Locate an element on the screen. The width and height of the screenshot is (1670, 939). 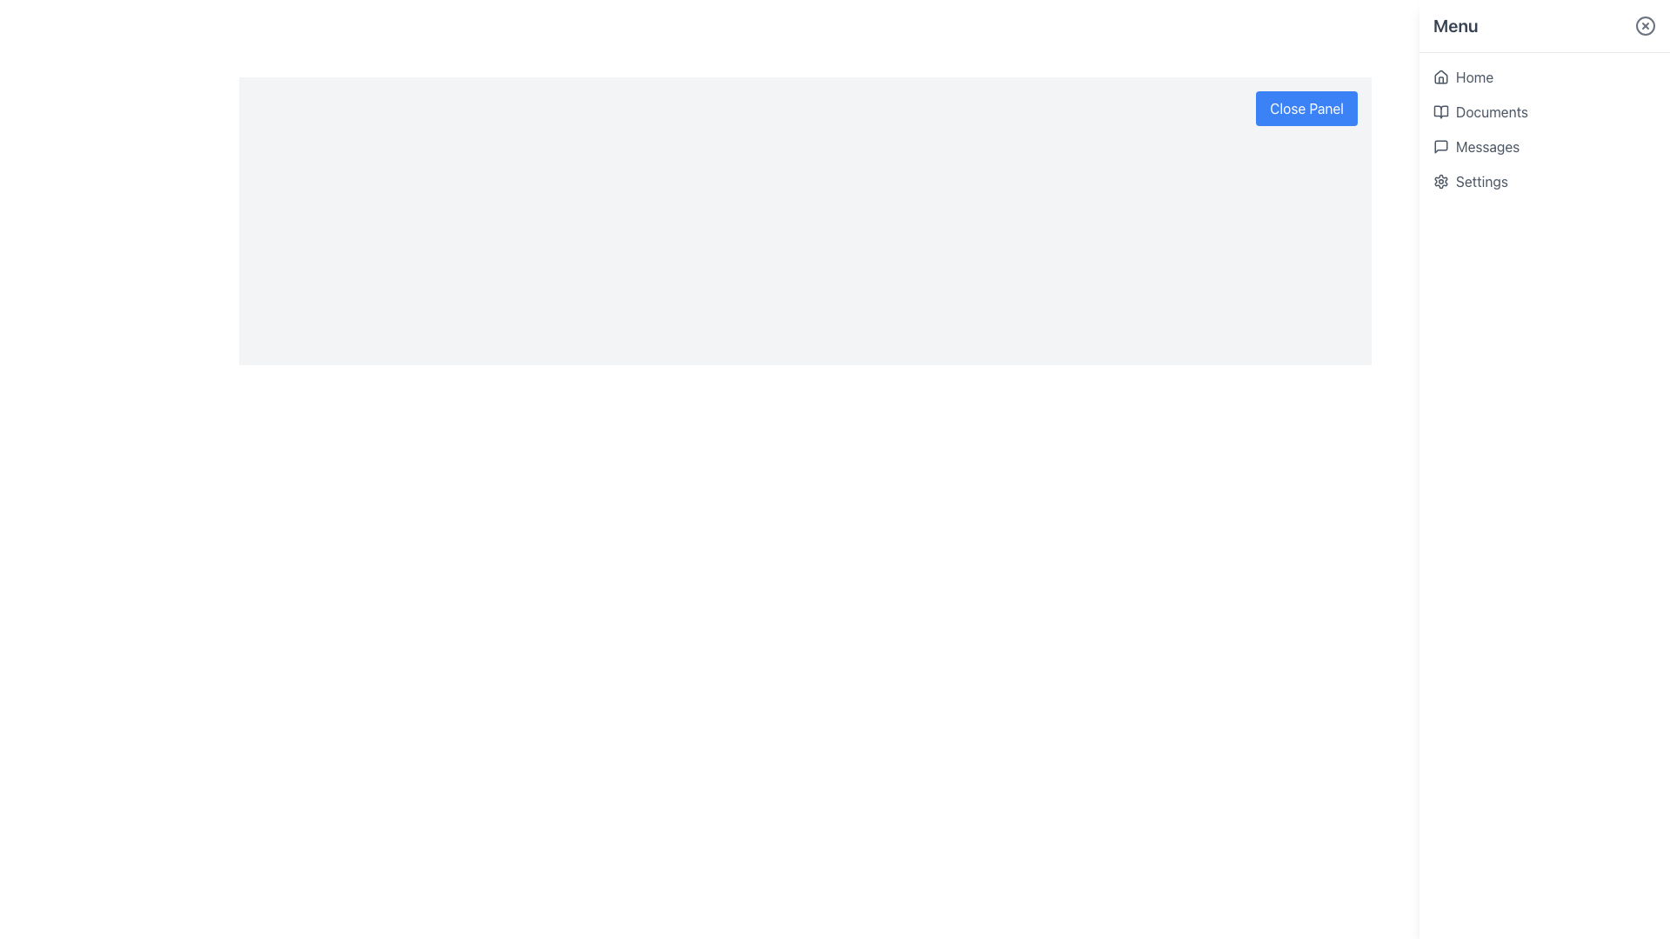
the 'Messages' icon in the right sidebar menu is located at coordinates (1440, 146).